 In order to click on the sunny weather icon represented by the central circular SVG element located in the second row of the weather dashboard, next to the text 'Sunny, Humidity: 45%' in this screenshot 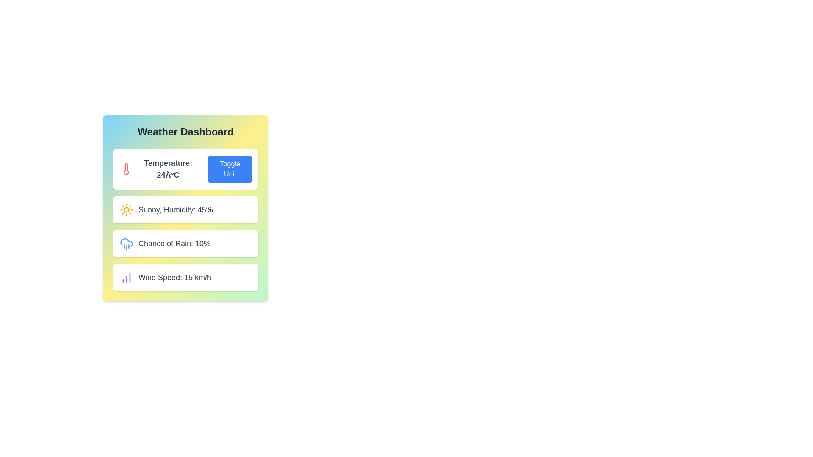, I will do `click(126, 209)`.